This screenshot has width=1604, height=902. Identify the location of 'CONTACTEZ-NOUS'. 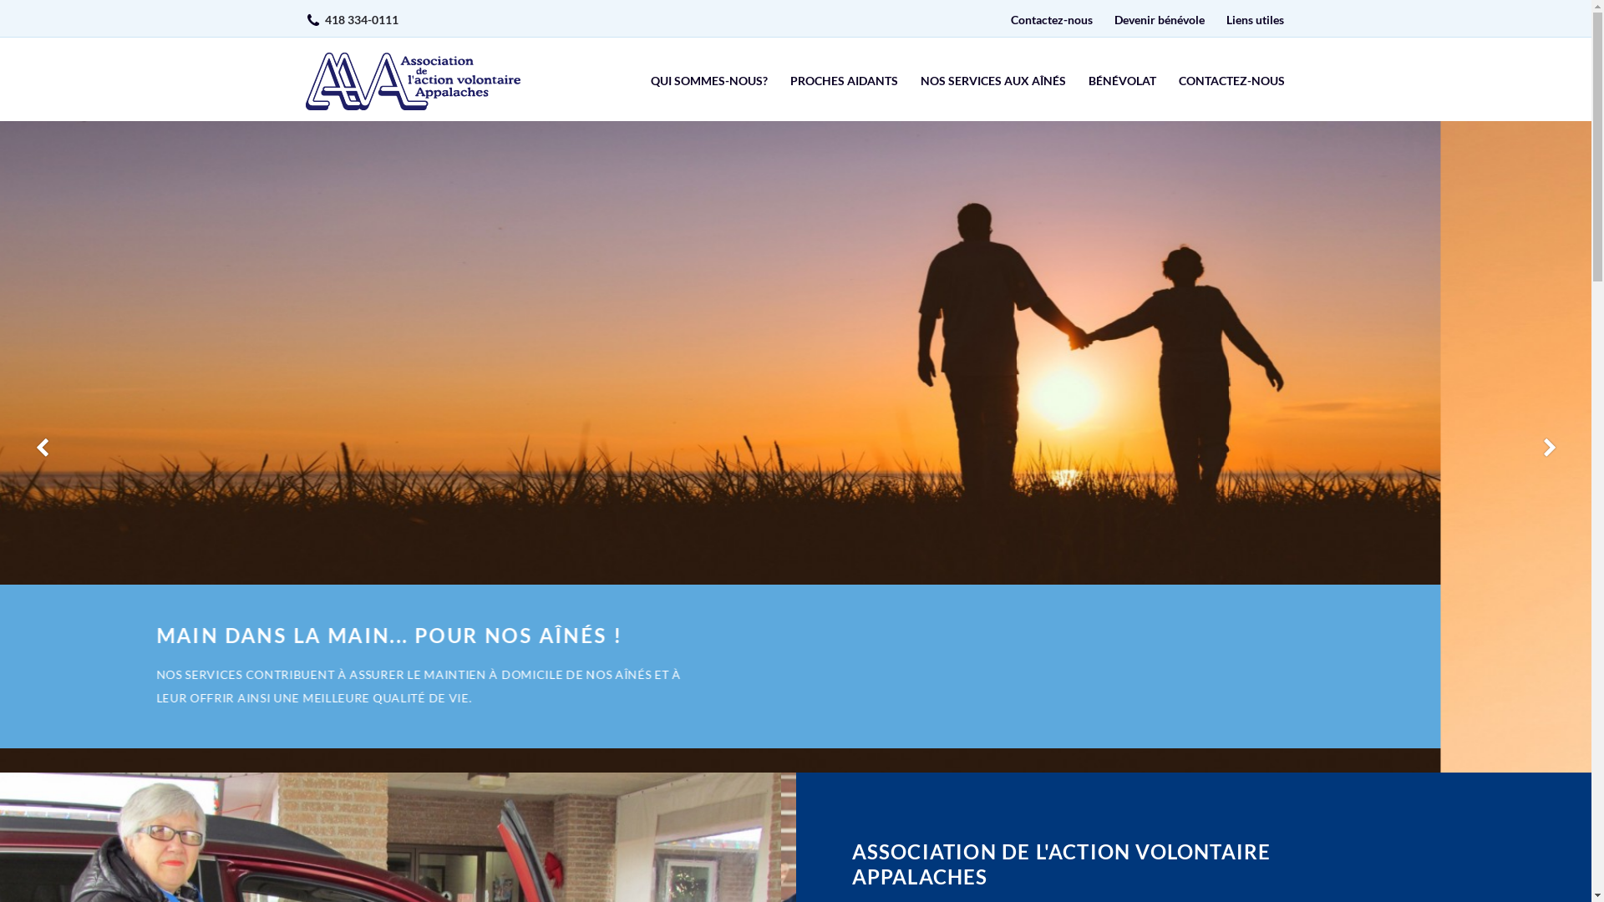
(1231, 81).